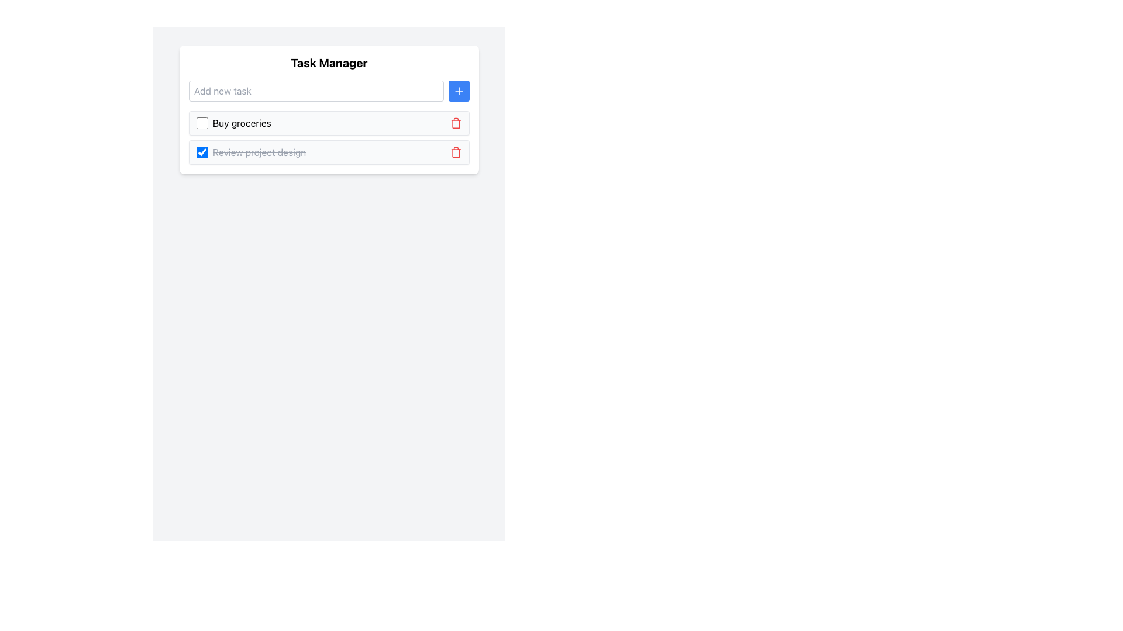 This screenshot has width=1123, height=631. I want to click on the delete icon for the 'Buy groceries' task, so click(455, 124).